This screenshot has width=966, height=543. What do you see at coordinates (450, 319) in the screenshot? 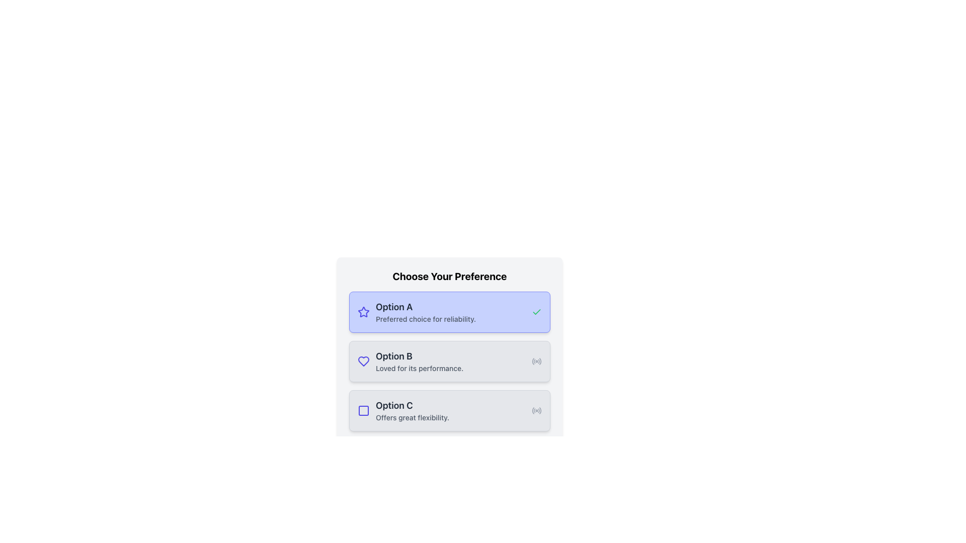
I see `the descriptive text field that provides additional context for 'Option A', located beneath the bold text 'Option A' and horizontally centered within a blue highlighted rectangle` at bounding box center [450, 319].